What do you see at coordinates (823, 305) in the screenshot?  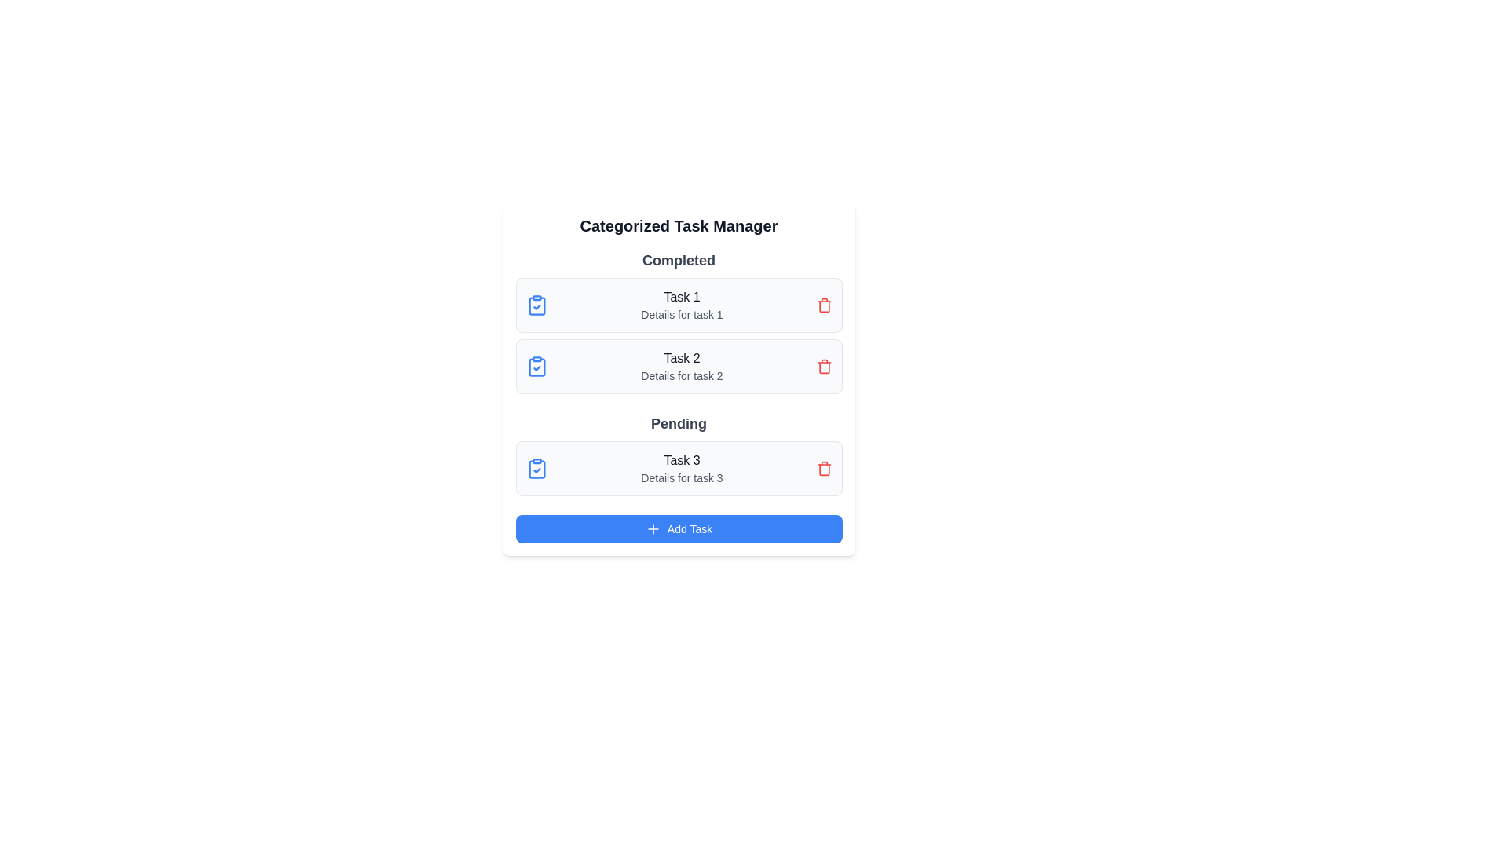 I see `the delete icon next to Task 1 to remove it` at bounding box center [823, 305].